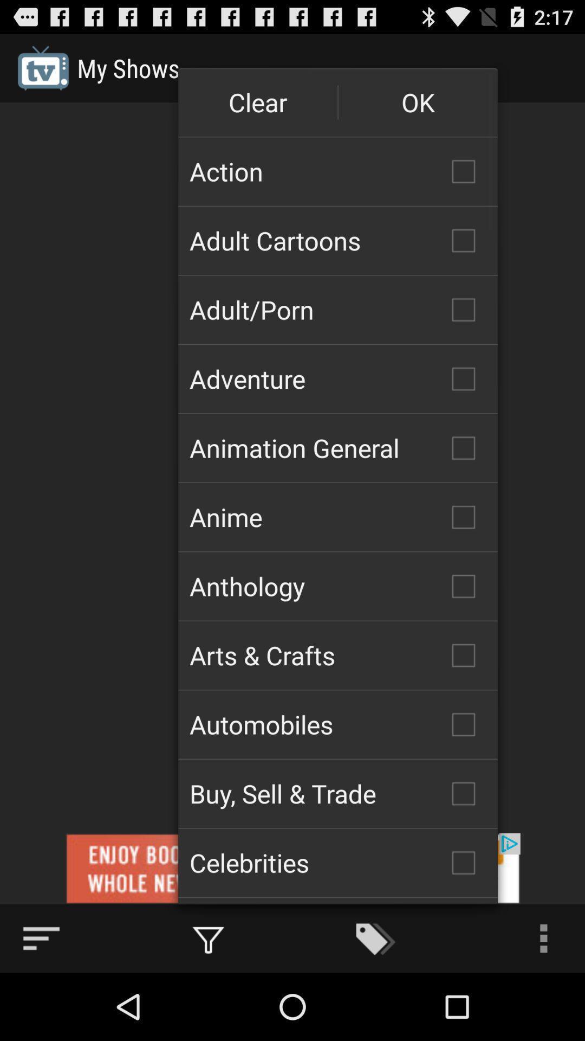 The image size is (585, 1041). I want to click on the item above action icon, so click(417, 102).